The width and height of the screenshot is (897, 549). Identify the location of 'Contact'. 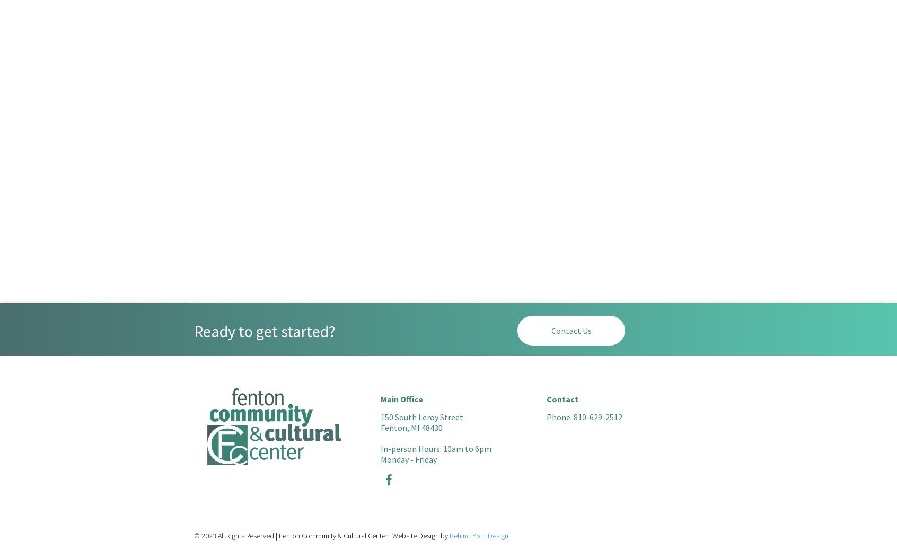
(562, 399).